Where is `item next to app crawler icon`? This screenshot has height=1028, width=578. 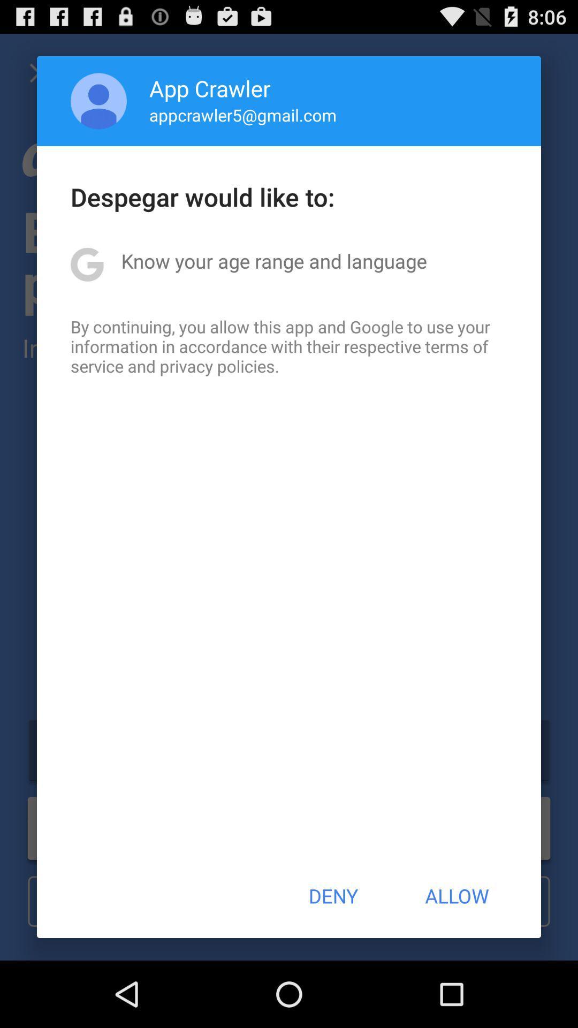
item next to app crawler icon is located at coordinates (98, 101).